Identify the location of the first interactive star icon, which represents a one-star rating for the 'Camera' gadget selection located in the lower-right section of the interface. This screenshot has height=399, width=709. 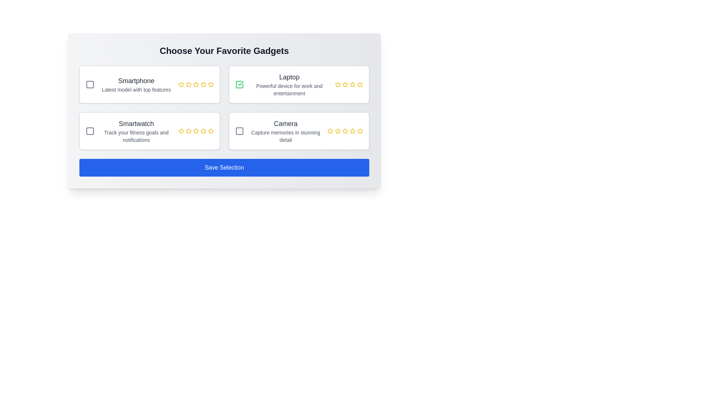
(330, 130).